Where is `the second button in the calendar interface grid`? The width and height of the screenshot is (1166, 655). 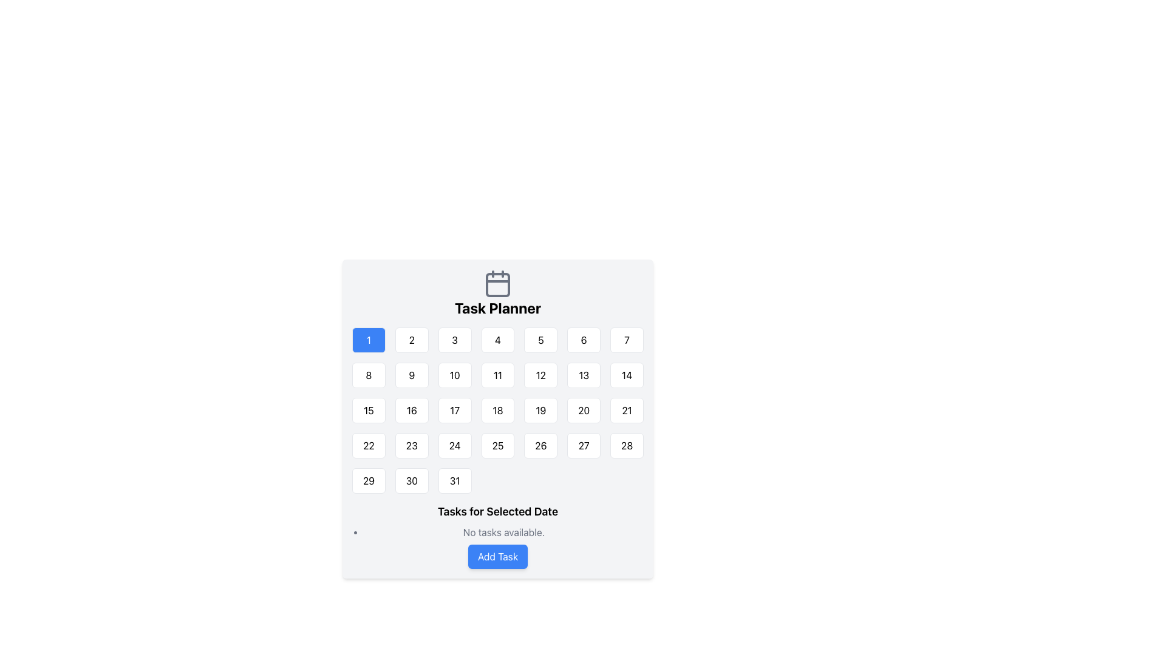
the second button in the calendar interface grid is located at coordinates (412, 340).